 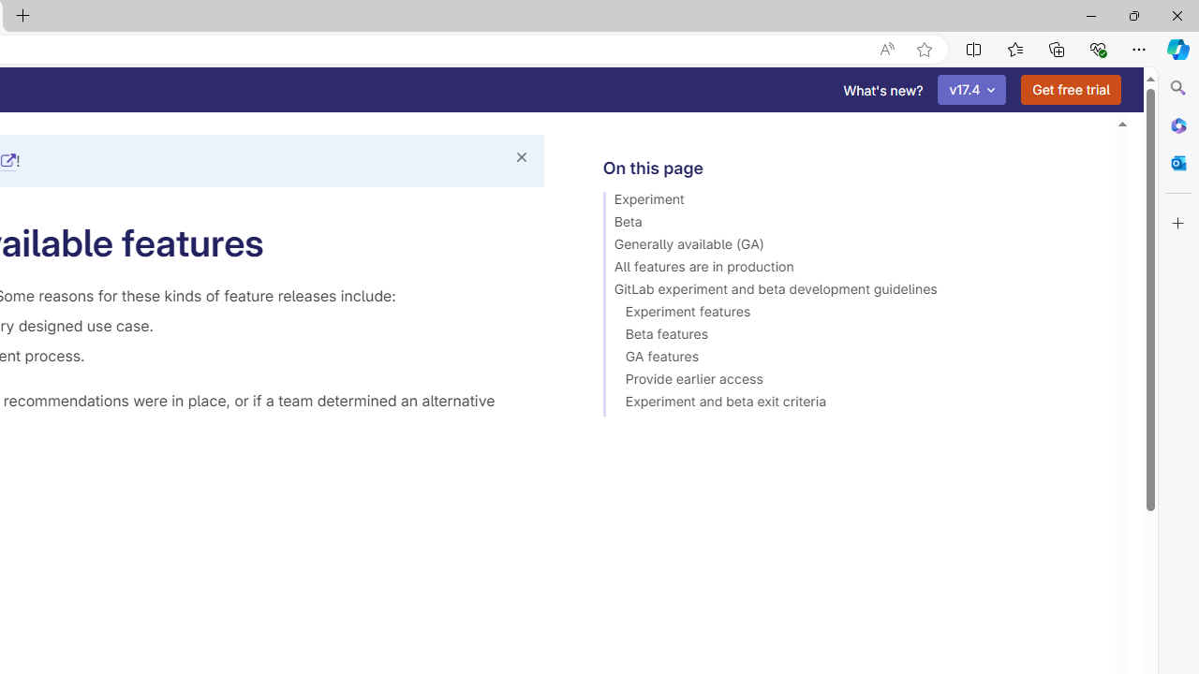 What do you see at coordinates (850, 270) in the screenshot?
I see `'All features are in production'` at bounding box center [850, 270].